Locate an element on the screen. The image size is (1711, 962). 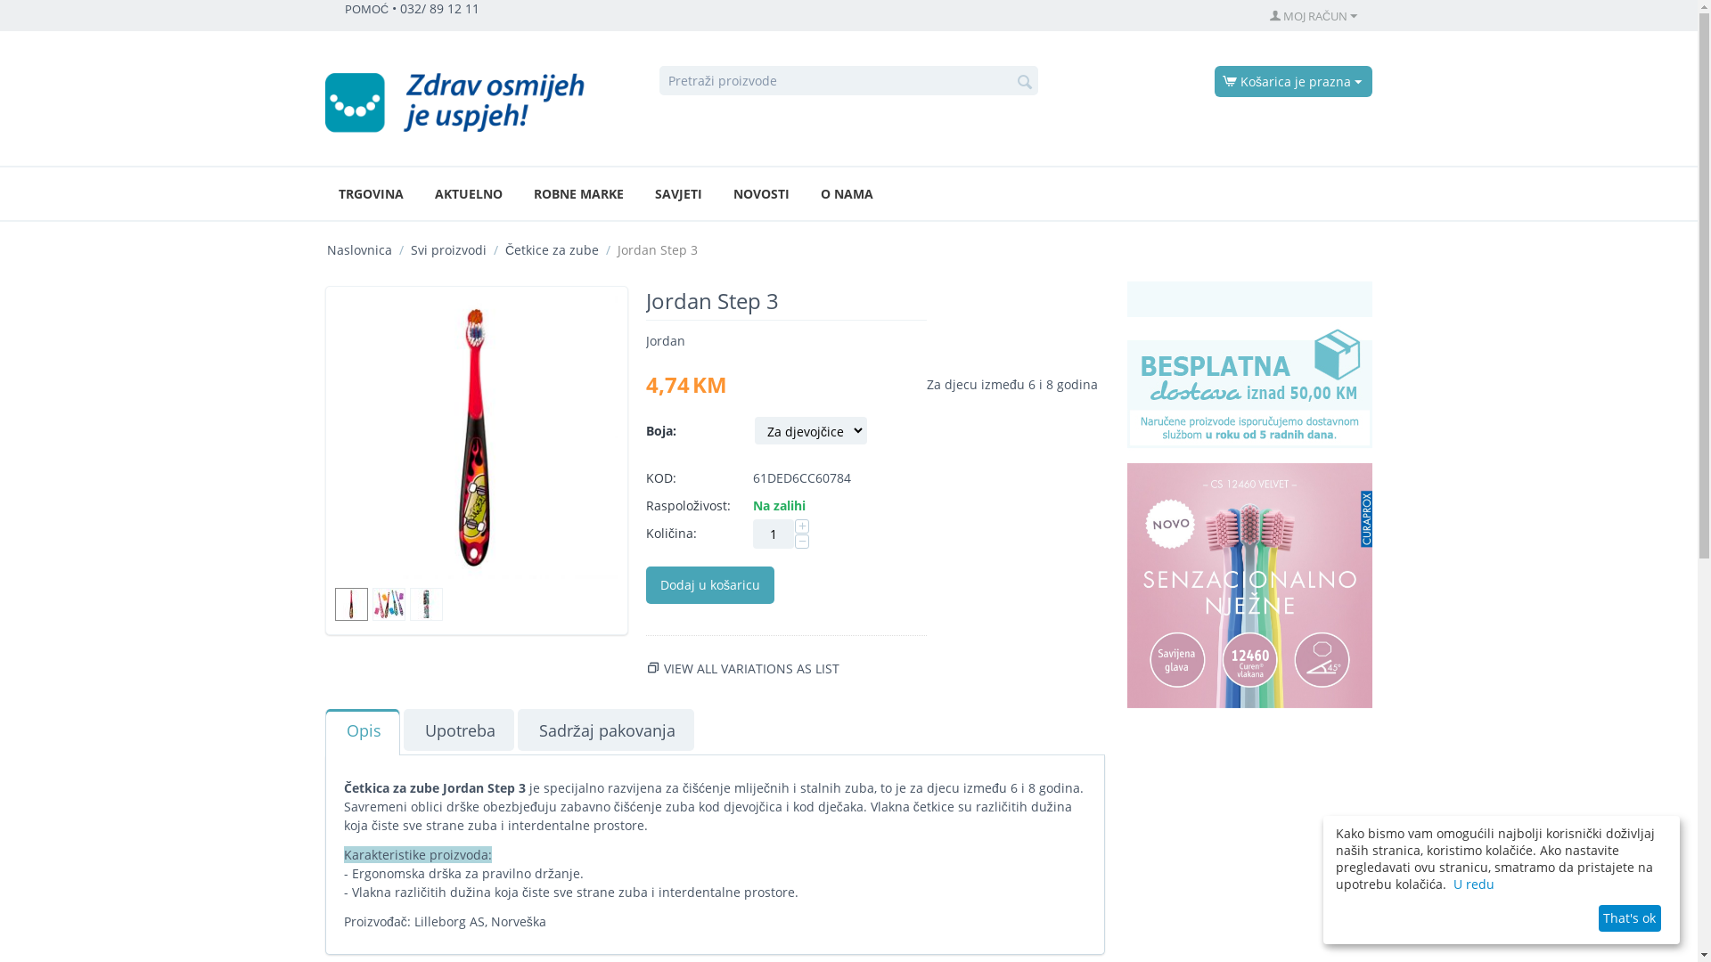
'ROBNE MARKE' is located at coordinates (578, 193).